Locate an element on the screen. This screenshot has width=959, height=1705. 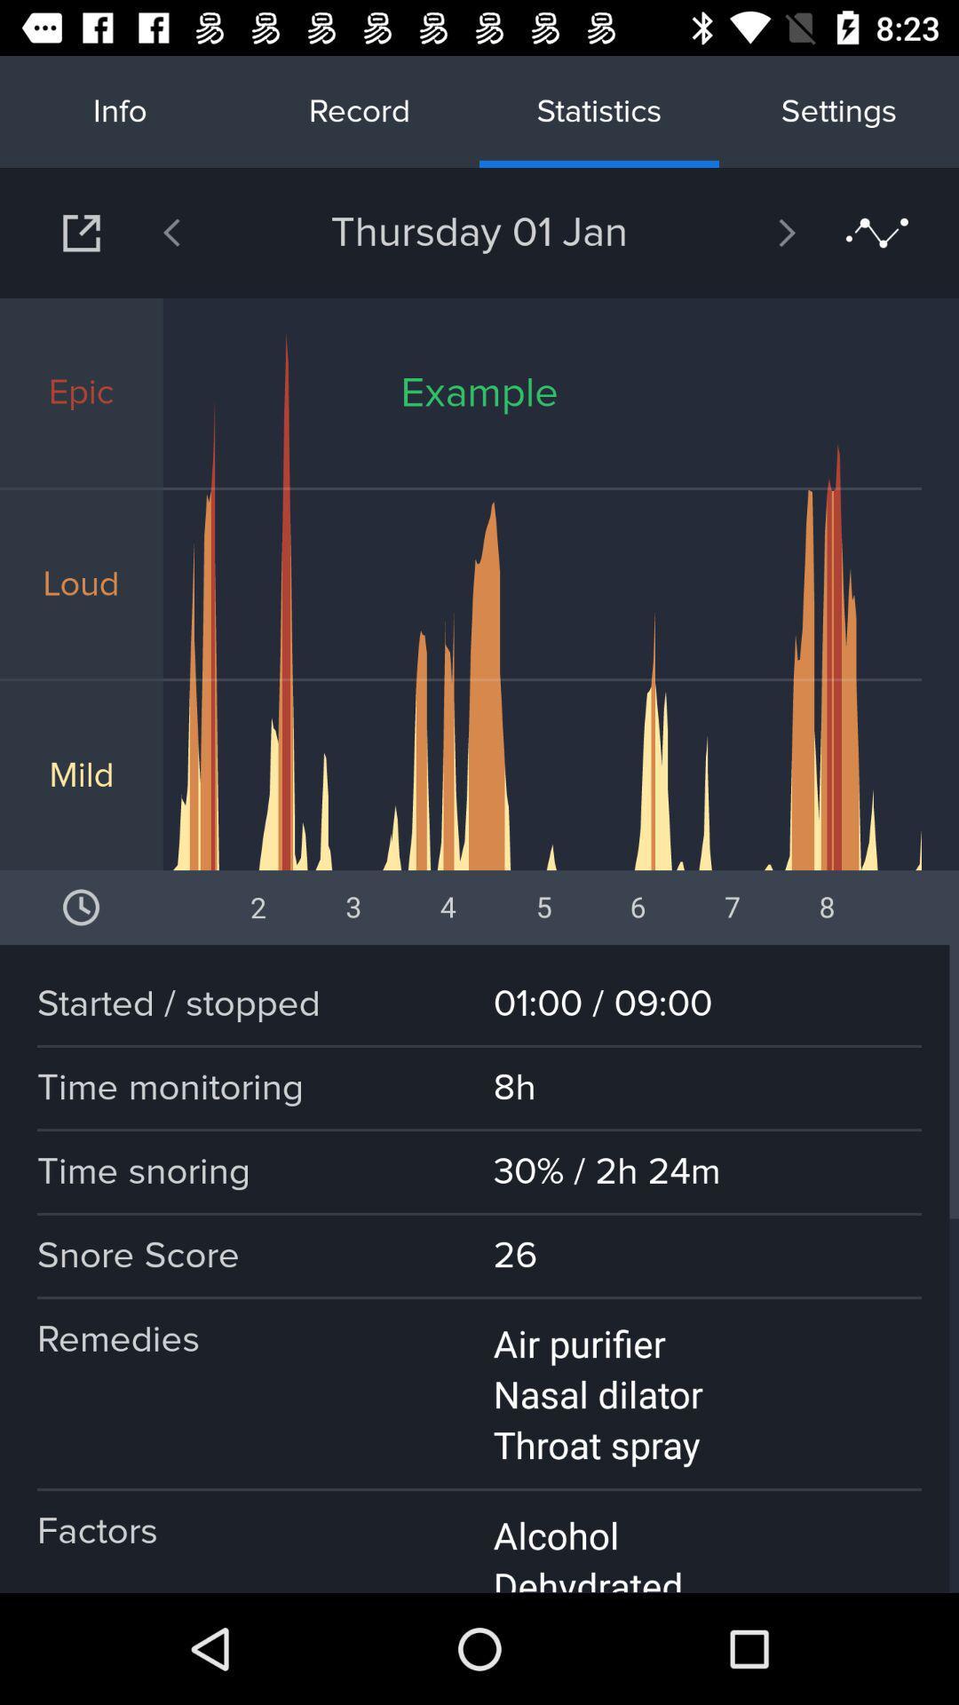
the app to the right of the thursday 01 jan is located at coordinates (741, 232).